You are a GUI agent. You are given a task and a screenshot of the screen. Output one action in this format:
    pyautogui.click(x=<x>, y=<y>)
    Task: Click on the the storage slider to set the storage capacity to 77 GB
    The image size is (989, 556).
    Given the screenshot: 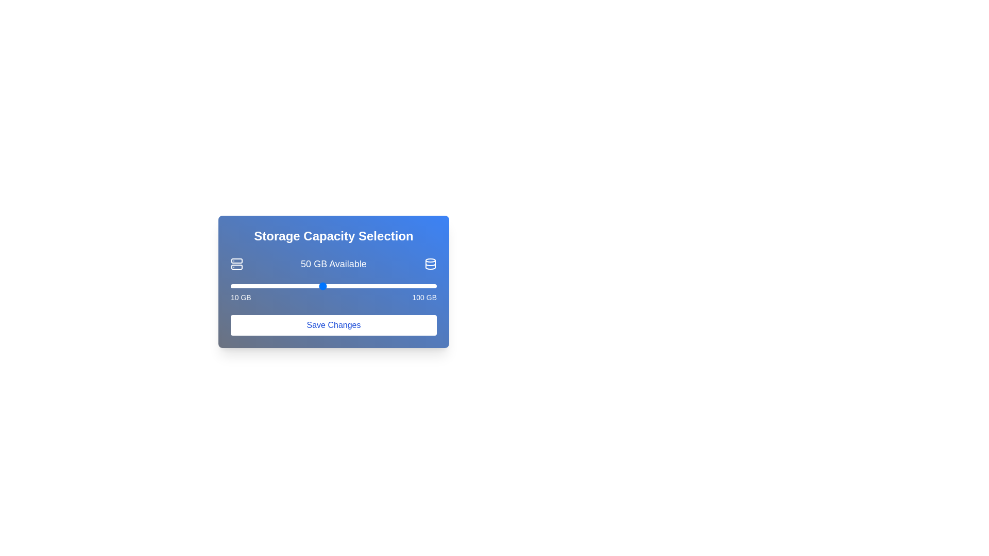 What is the action you would take?
    pyautogui.click(x=383, y=286)
    